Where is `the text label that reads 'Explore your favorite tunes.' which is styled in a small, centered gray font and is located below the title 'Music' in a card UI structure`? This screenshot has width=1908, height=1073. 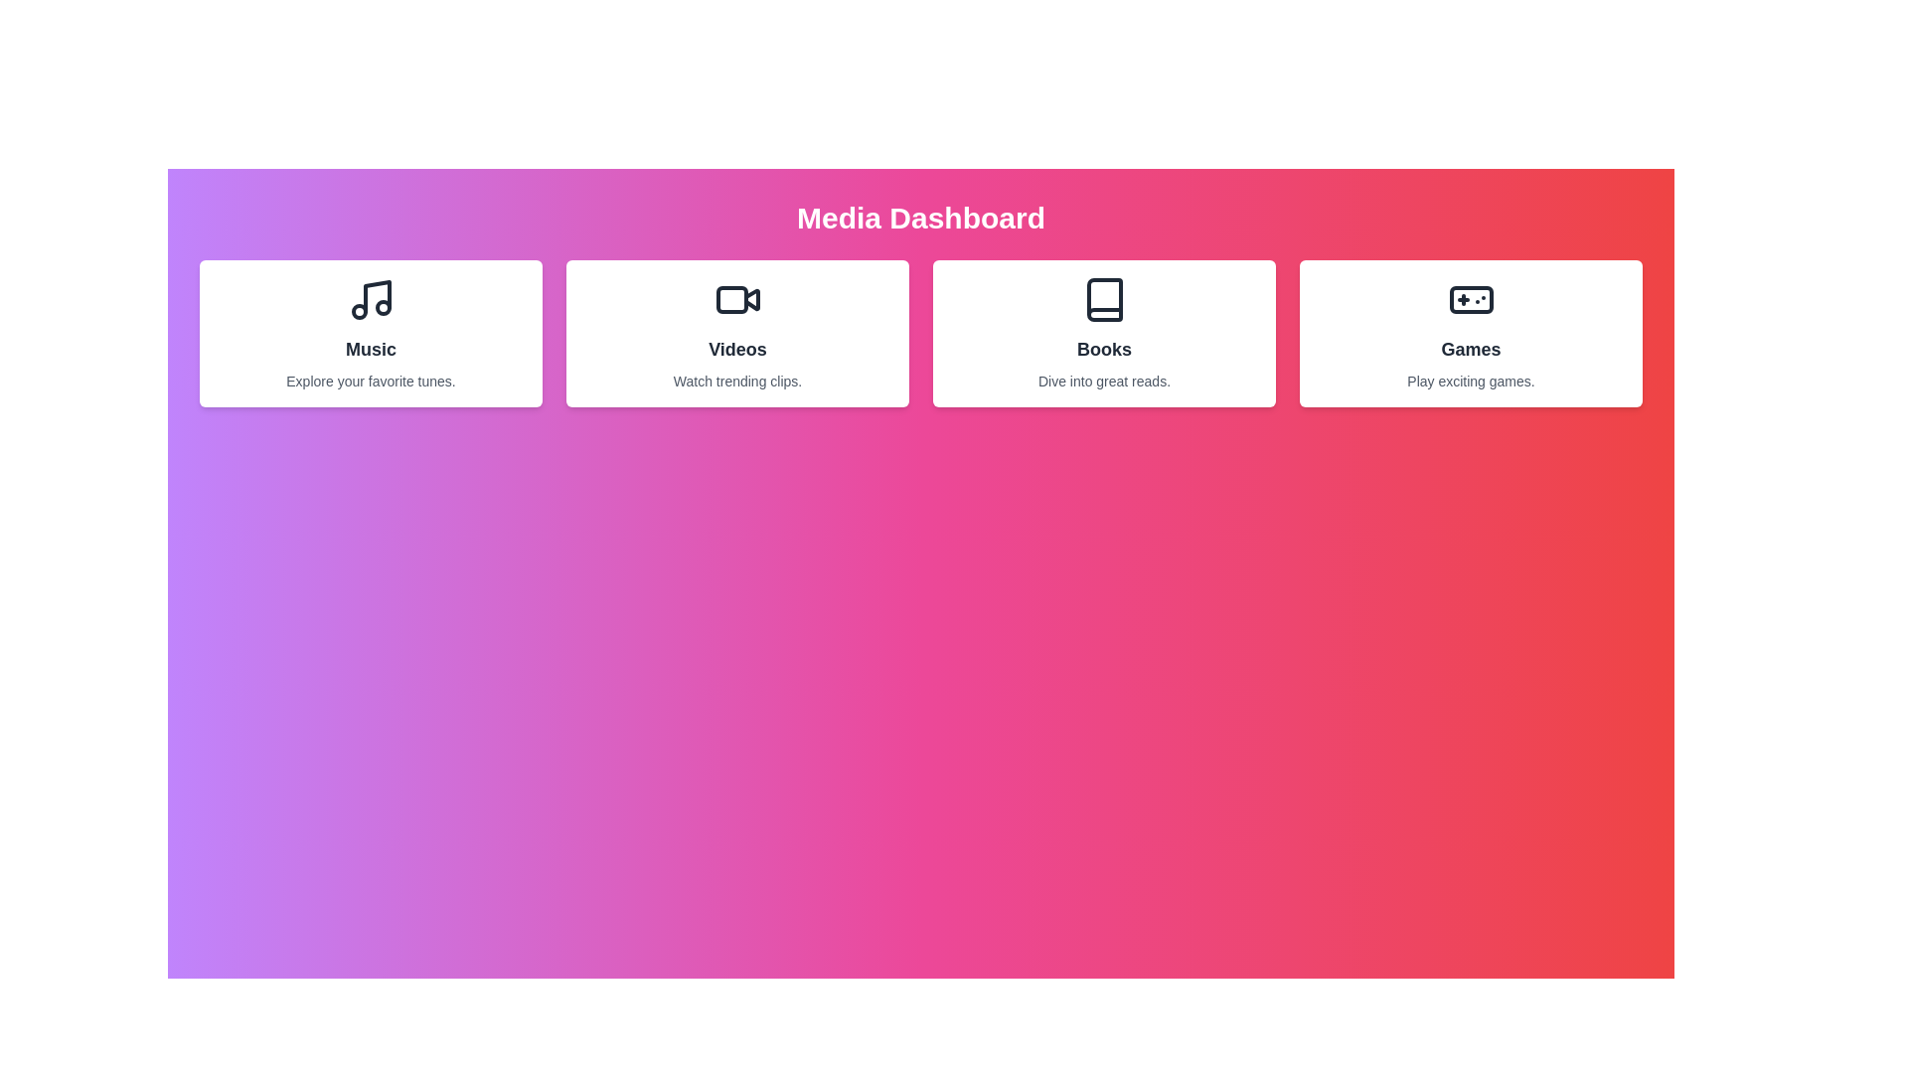
the text label that reads 'Explore your favorite tunes.' which is styled in a small, centered gray font and is located below the title 'Music' in a card UI structure is located at coordinates (371, 382).